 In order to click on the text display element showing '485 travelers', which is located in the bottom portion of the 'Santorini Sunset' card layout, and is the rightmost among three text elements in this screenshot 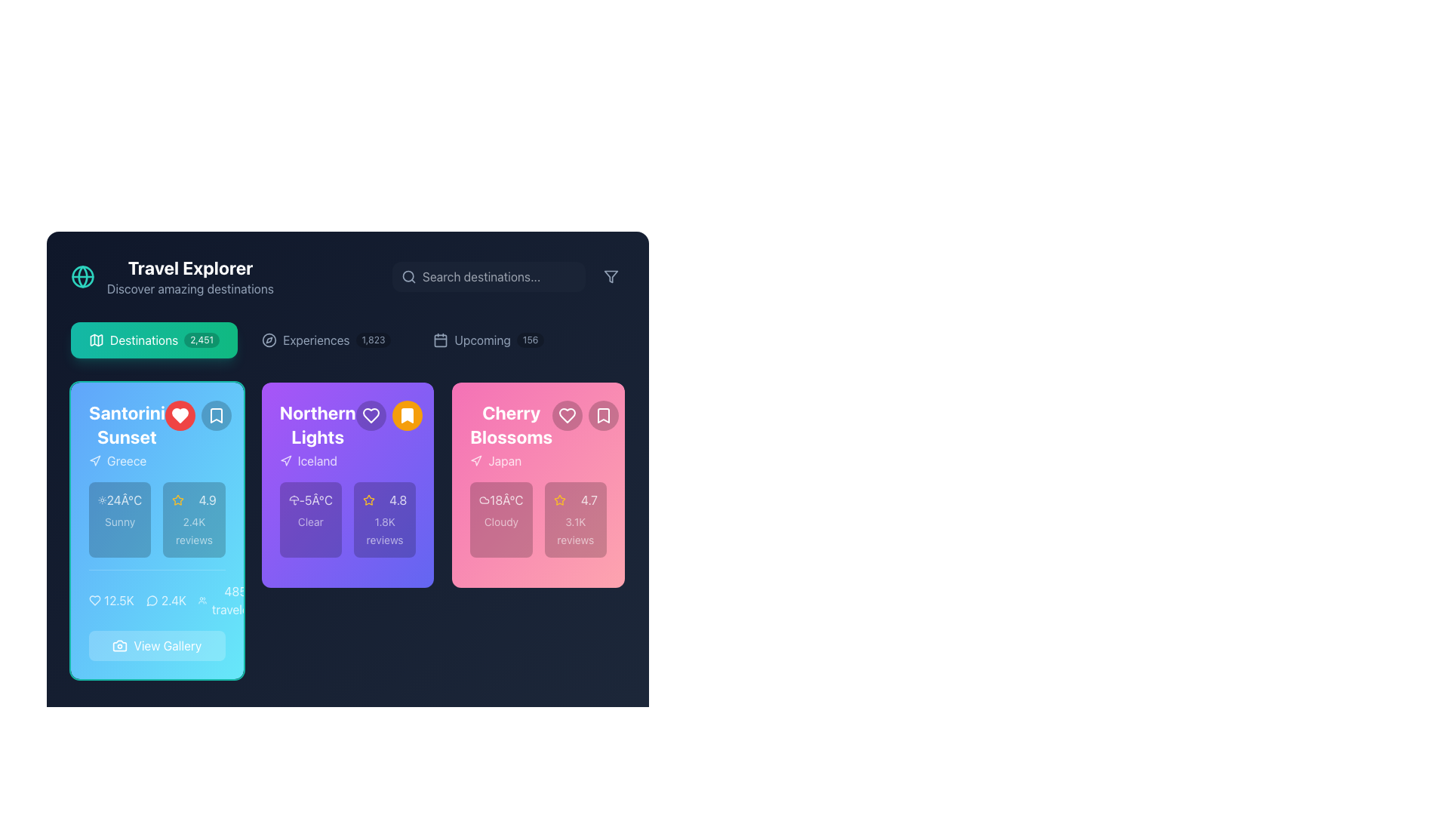, I will do `click(229, 599)`.